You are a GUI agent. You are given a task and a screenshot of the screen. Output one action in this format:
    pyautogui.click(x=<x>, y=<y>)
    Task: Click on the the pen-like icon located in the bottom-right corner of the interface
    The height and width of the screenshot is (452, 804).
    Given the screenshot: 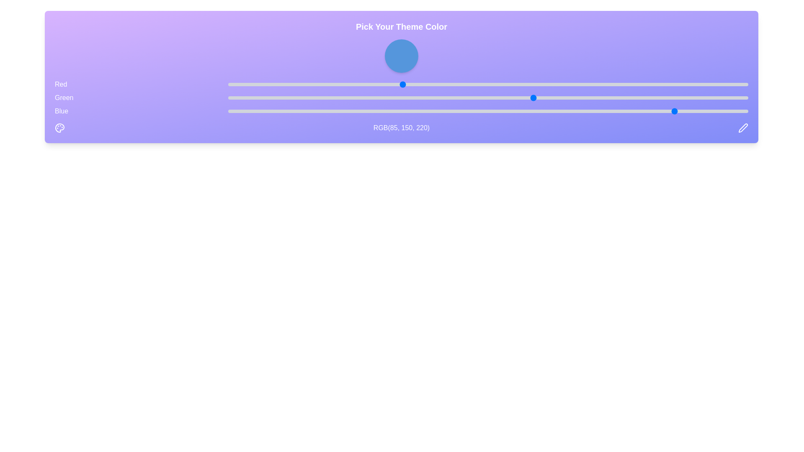 What is the action you would take?
    pyautogui.click(x=743, y=127)
    